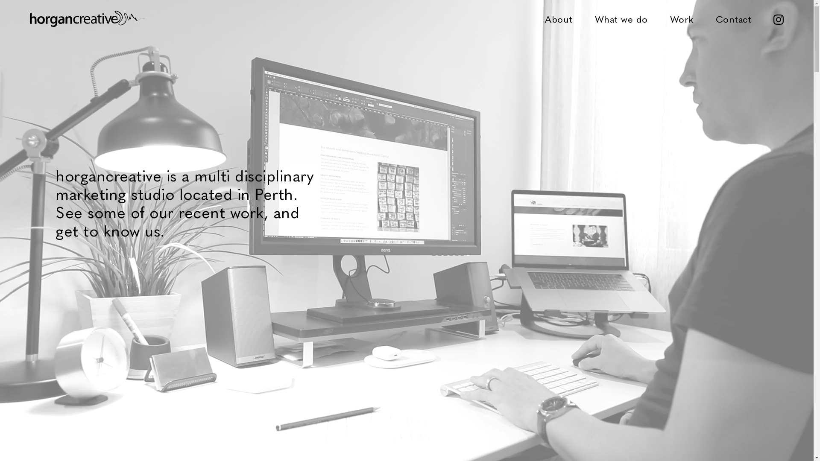 This screenshot has height=461, width=820. What do you see at coordinates (681, 18) in the screenshot?
I see `'Work'` at bounding box center [681, 18].